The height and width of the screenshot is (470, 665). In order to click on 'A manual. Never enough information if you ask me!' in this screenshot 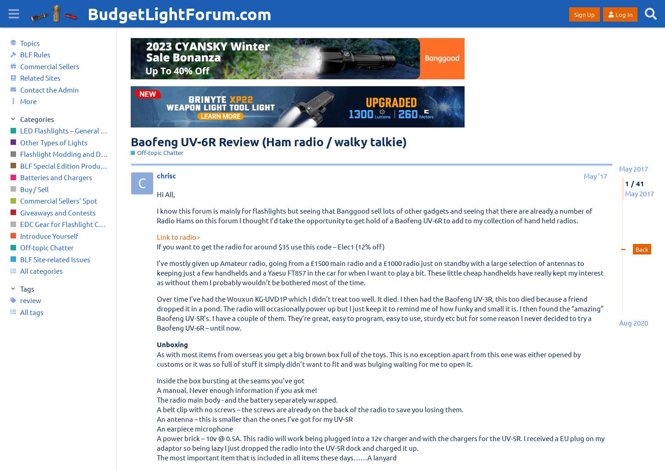, I will do `click(237, 390)`.